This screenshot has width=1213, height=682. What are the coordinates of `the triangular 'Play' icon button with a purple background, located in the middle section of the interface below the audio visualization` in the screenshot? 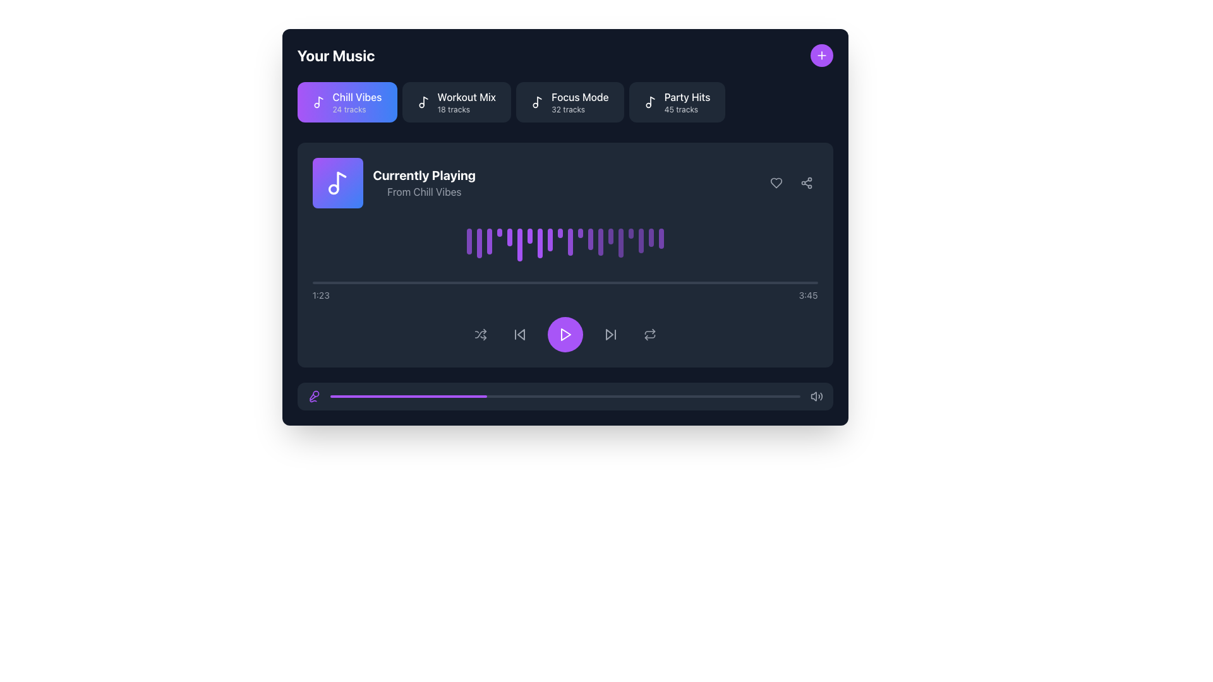 It's located at (564, 334).